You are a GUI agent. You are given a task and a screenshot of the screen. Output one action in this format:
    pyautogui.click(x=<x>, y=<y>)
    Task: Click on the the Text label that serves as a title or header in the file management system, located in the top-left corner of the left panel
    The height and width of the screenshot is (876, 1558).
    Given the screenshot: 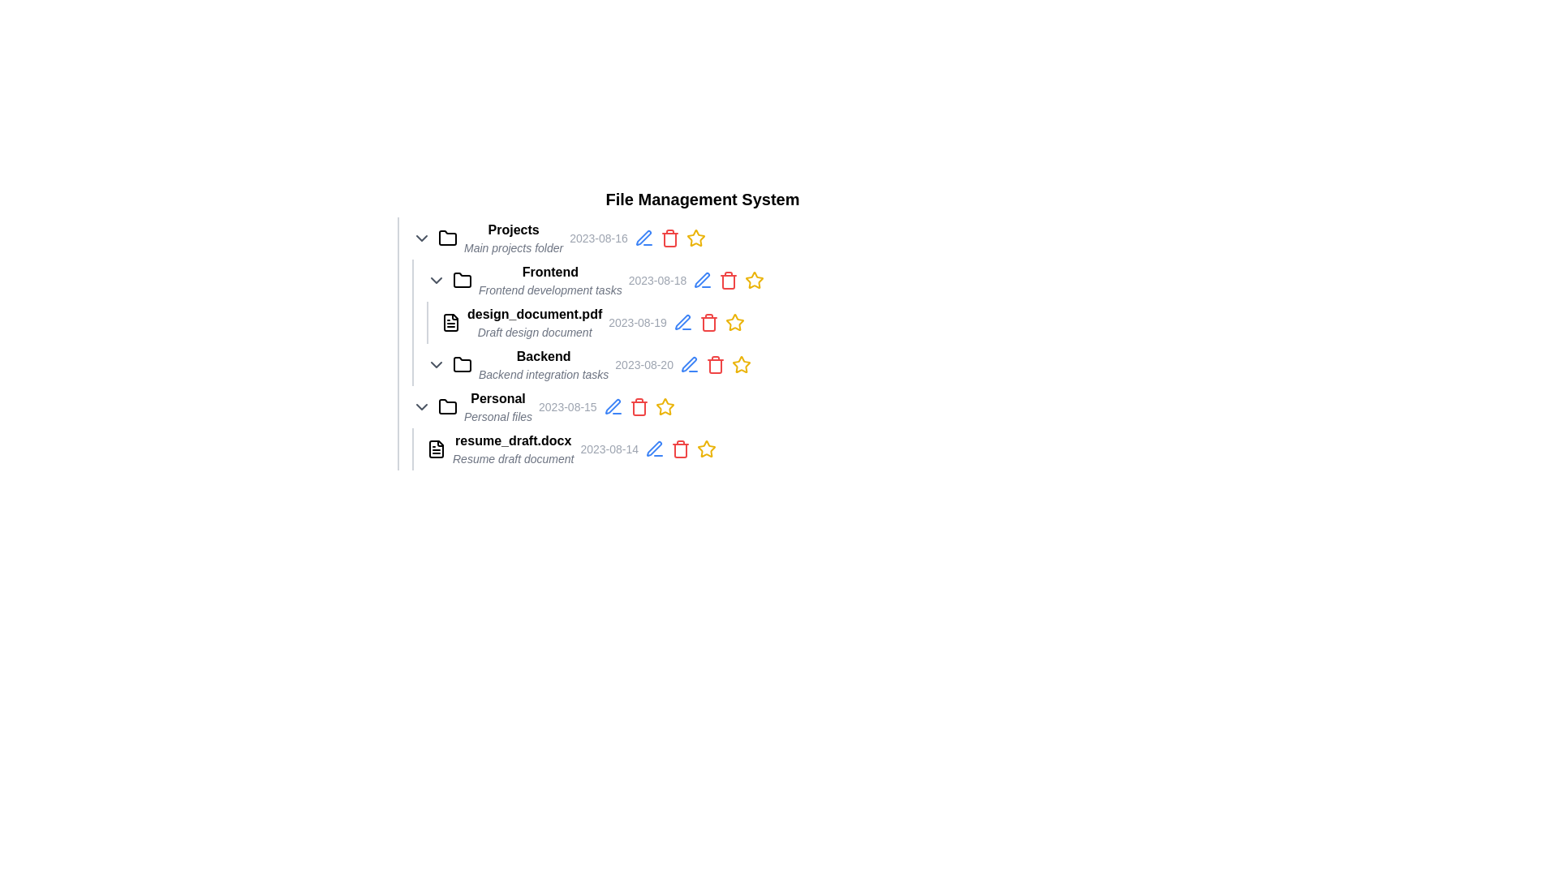 What is the action you would take?
    pyautogui.click(x=513, y=230)
    